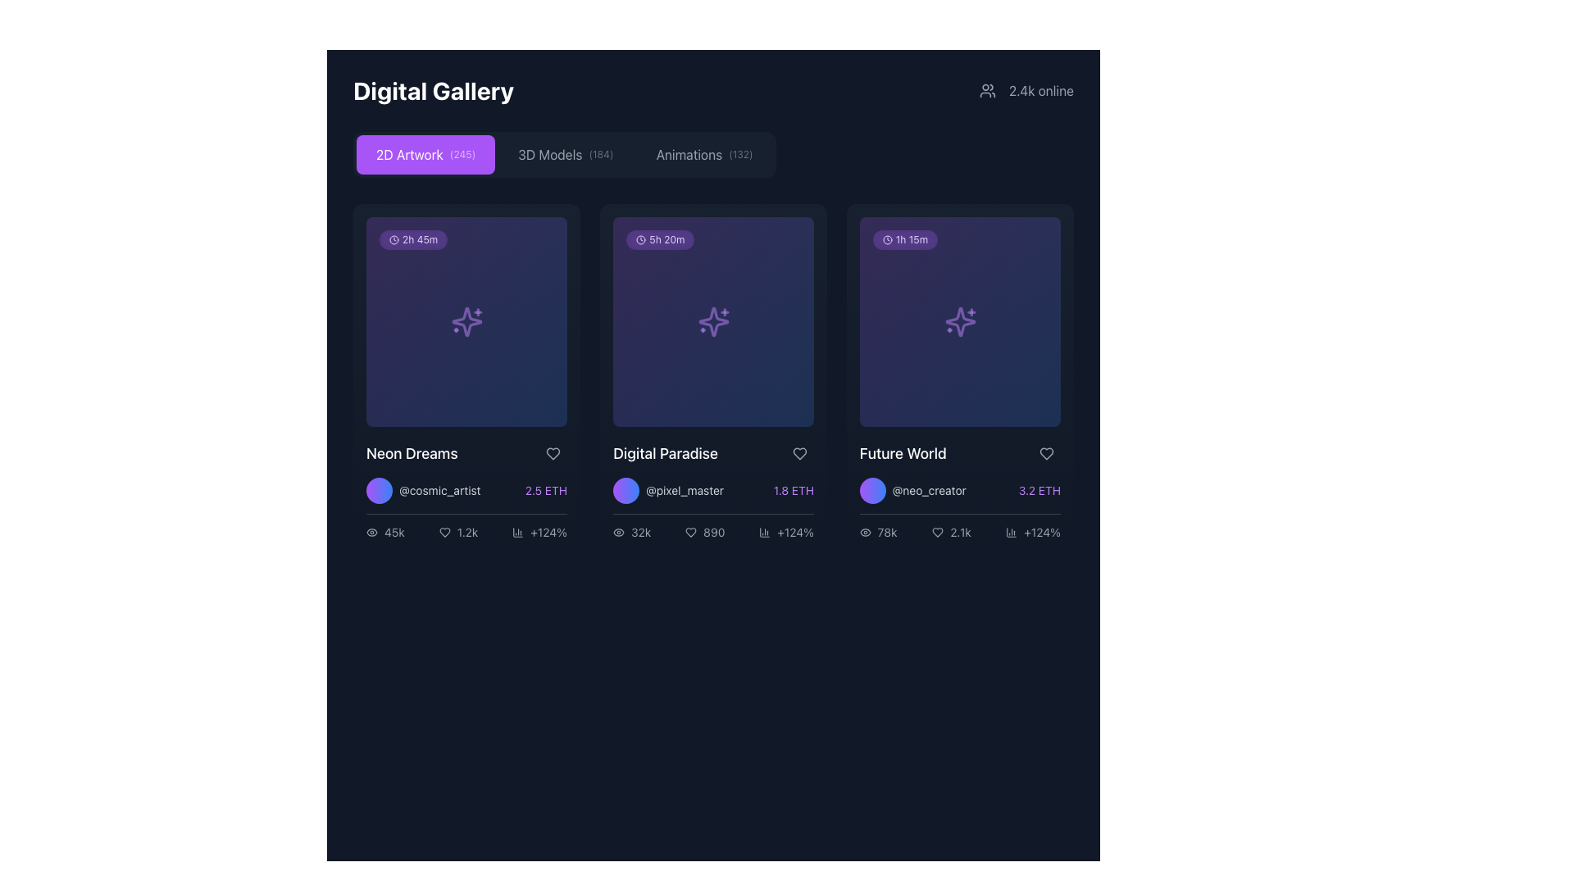  What do you see at coordinates (960, 527) in the screenshot?
I see `the data displayed in the Statistical information display, which includes three sections: eye icon with '78k', heart icon with '2.1k', and chart bar icon with '+124%'` at bounding box center [960, 527].